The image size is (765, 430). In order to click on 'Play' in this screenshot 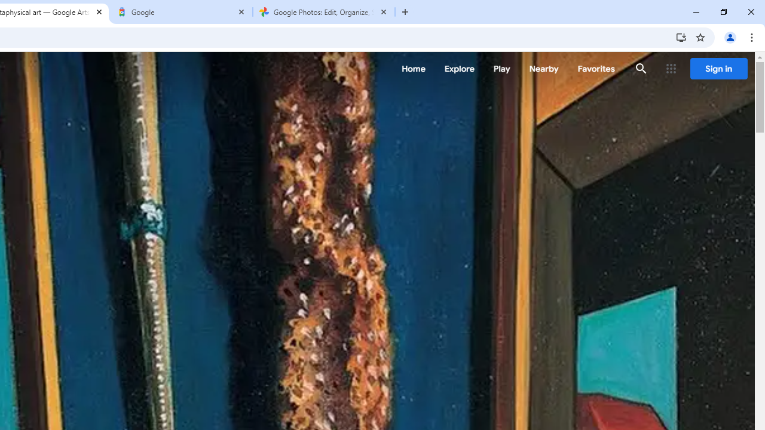, I will do `click(502, 69)`.